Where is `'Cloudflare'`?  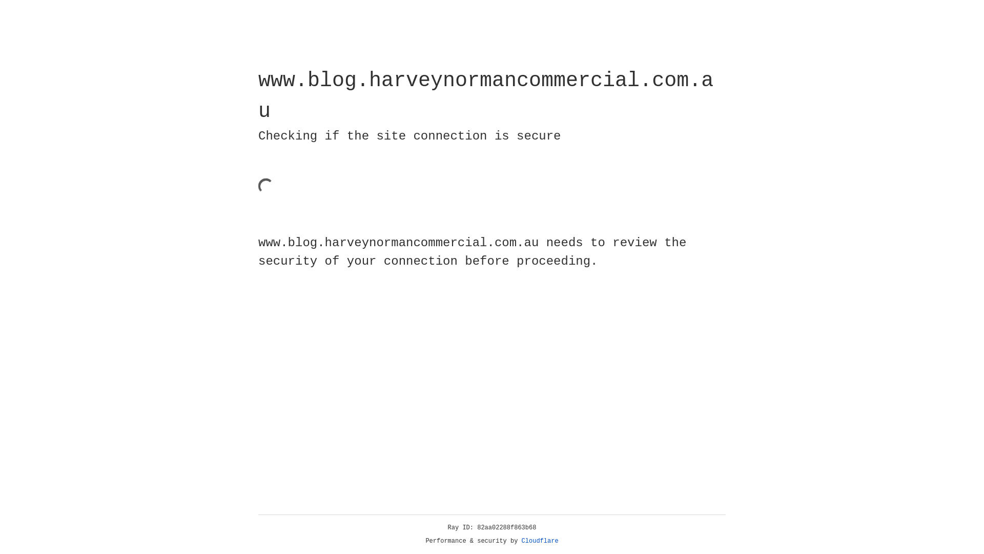
'Cloudflare' is located at coordinates (521, 541).